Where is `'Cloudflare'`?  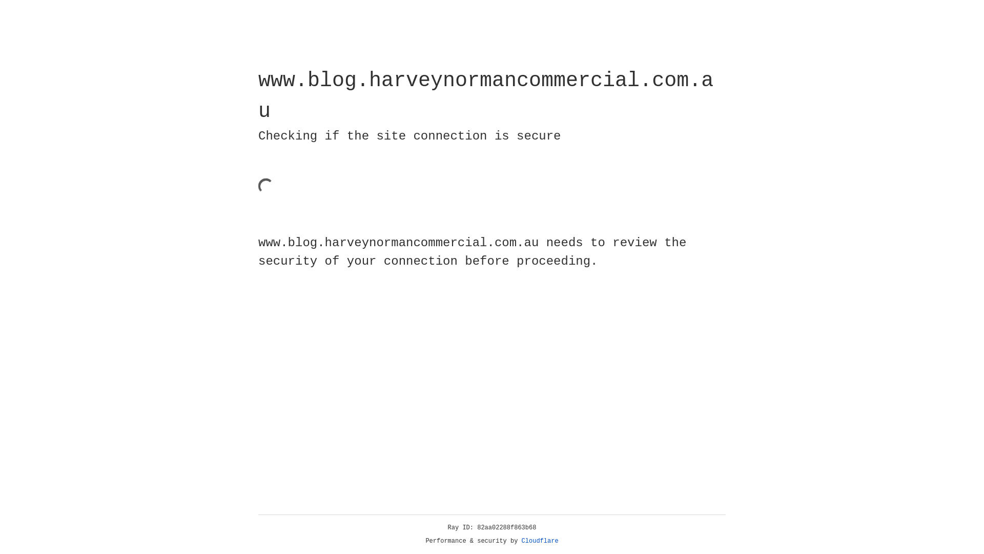
'Cloudflare' is located at coordinates (521, 541).